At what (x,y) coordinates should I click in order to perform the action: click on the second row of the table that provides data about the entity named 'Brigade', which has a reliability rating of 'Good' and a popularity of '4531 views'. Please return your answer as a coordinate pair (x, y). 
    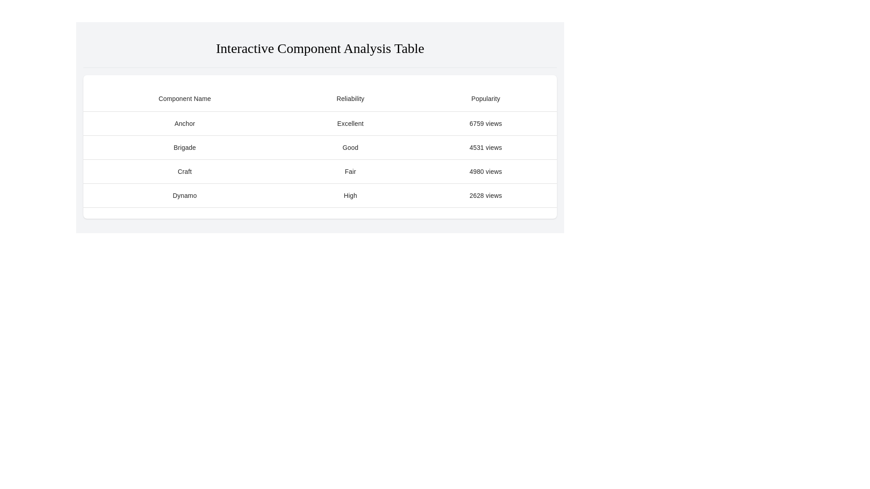
    Looking at the image, I should click on (320, 147).